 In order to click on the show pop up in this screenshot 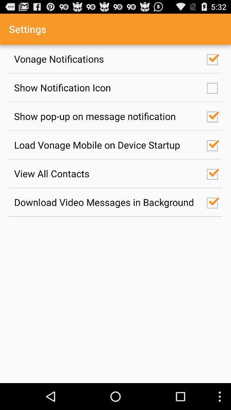, I will do `click(106, 116)`.